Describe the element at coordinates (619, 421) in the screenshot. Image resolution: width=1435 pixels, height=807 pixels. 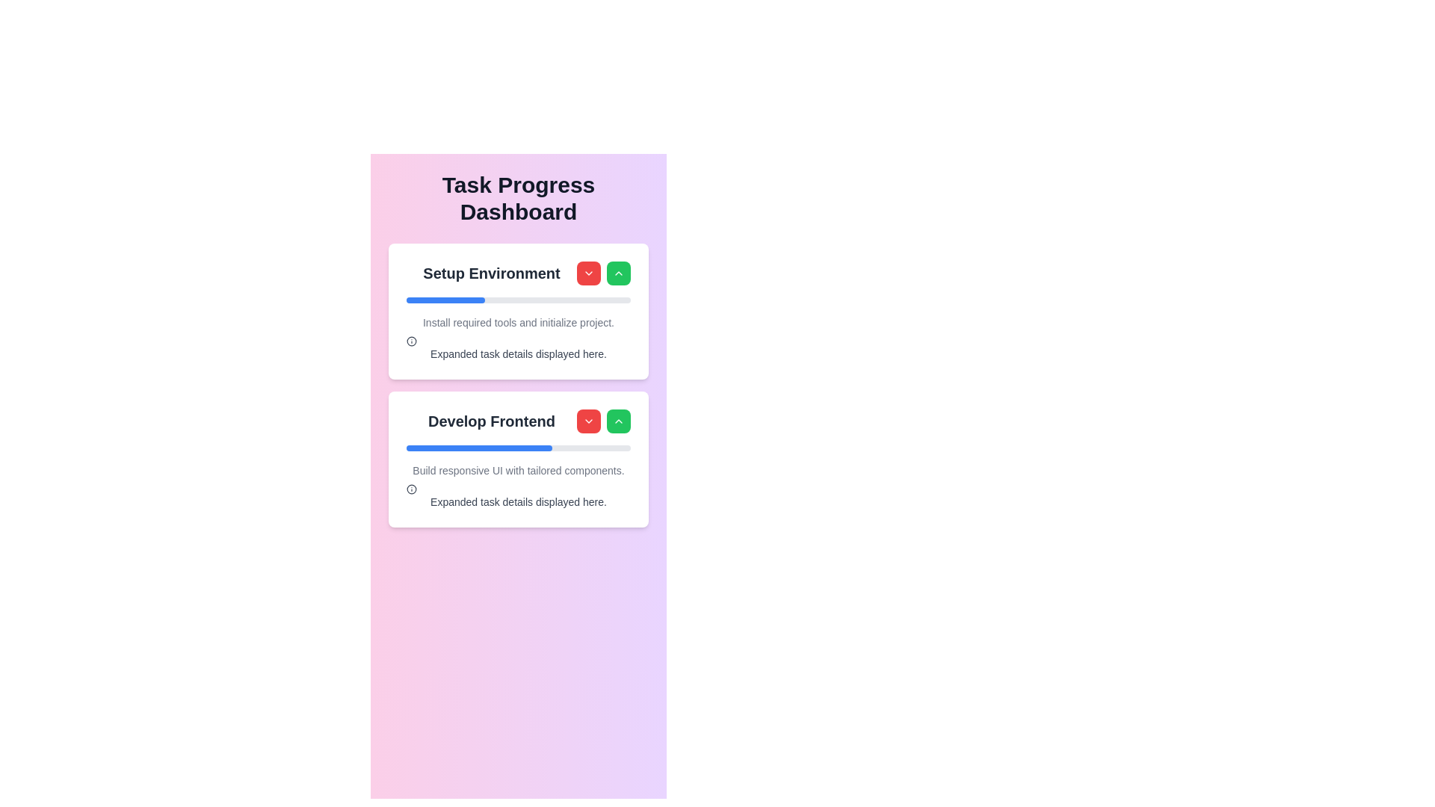
I see `the green square button with rounded edges and an upward-pointing chevron icon, located at the top-right corner of the 'Develop Frontend' task card, to interact with its feature` at that location.